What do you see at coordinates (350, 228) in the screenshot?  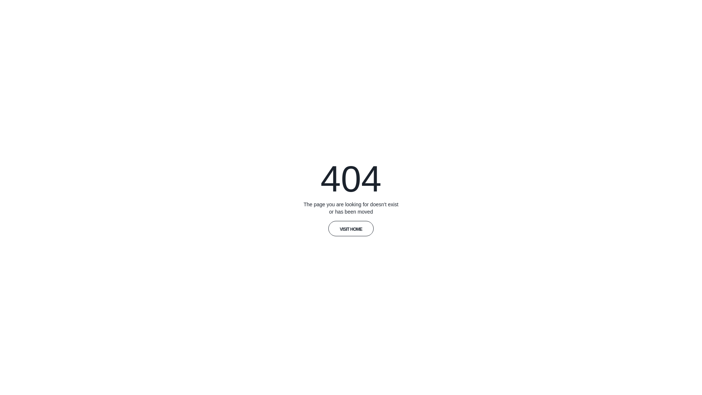 I see `'VISIT HOME'` at bounding box center [350, 228].